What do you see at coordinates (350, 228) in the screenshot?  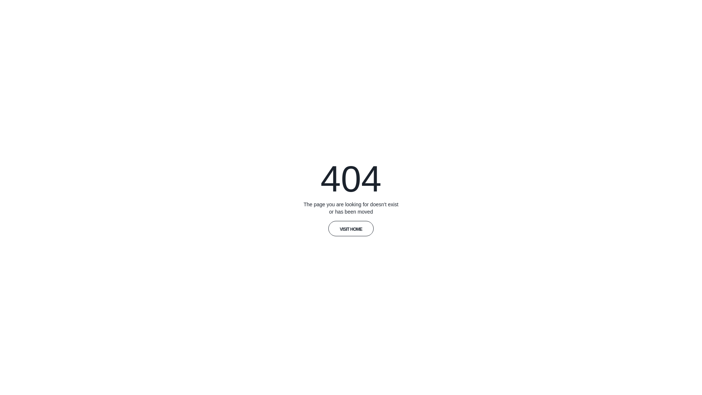 I see `'VISIT HOME'` at bounding box center [350, 228].